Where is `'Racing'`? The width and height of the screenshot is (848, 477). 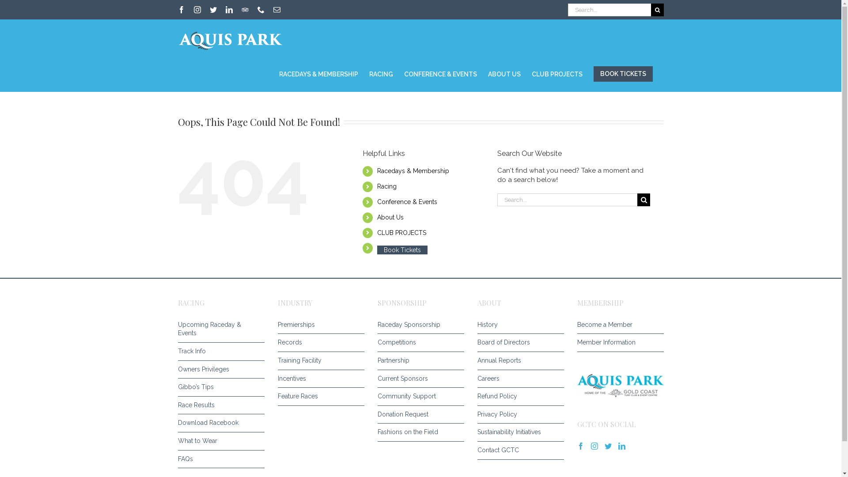
'Racing' is located at coordinates (386, 185).